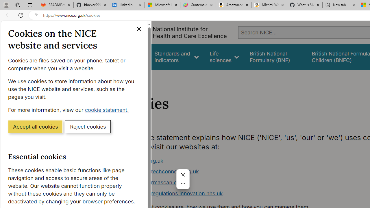  I want to click on 'Close cookie banner', so click(139, 29).